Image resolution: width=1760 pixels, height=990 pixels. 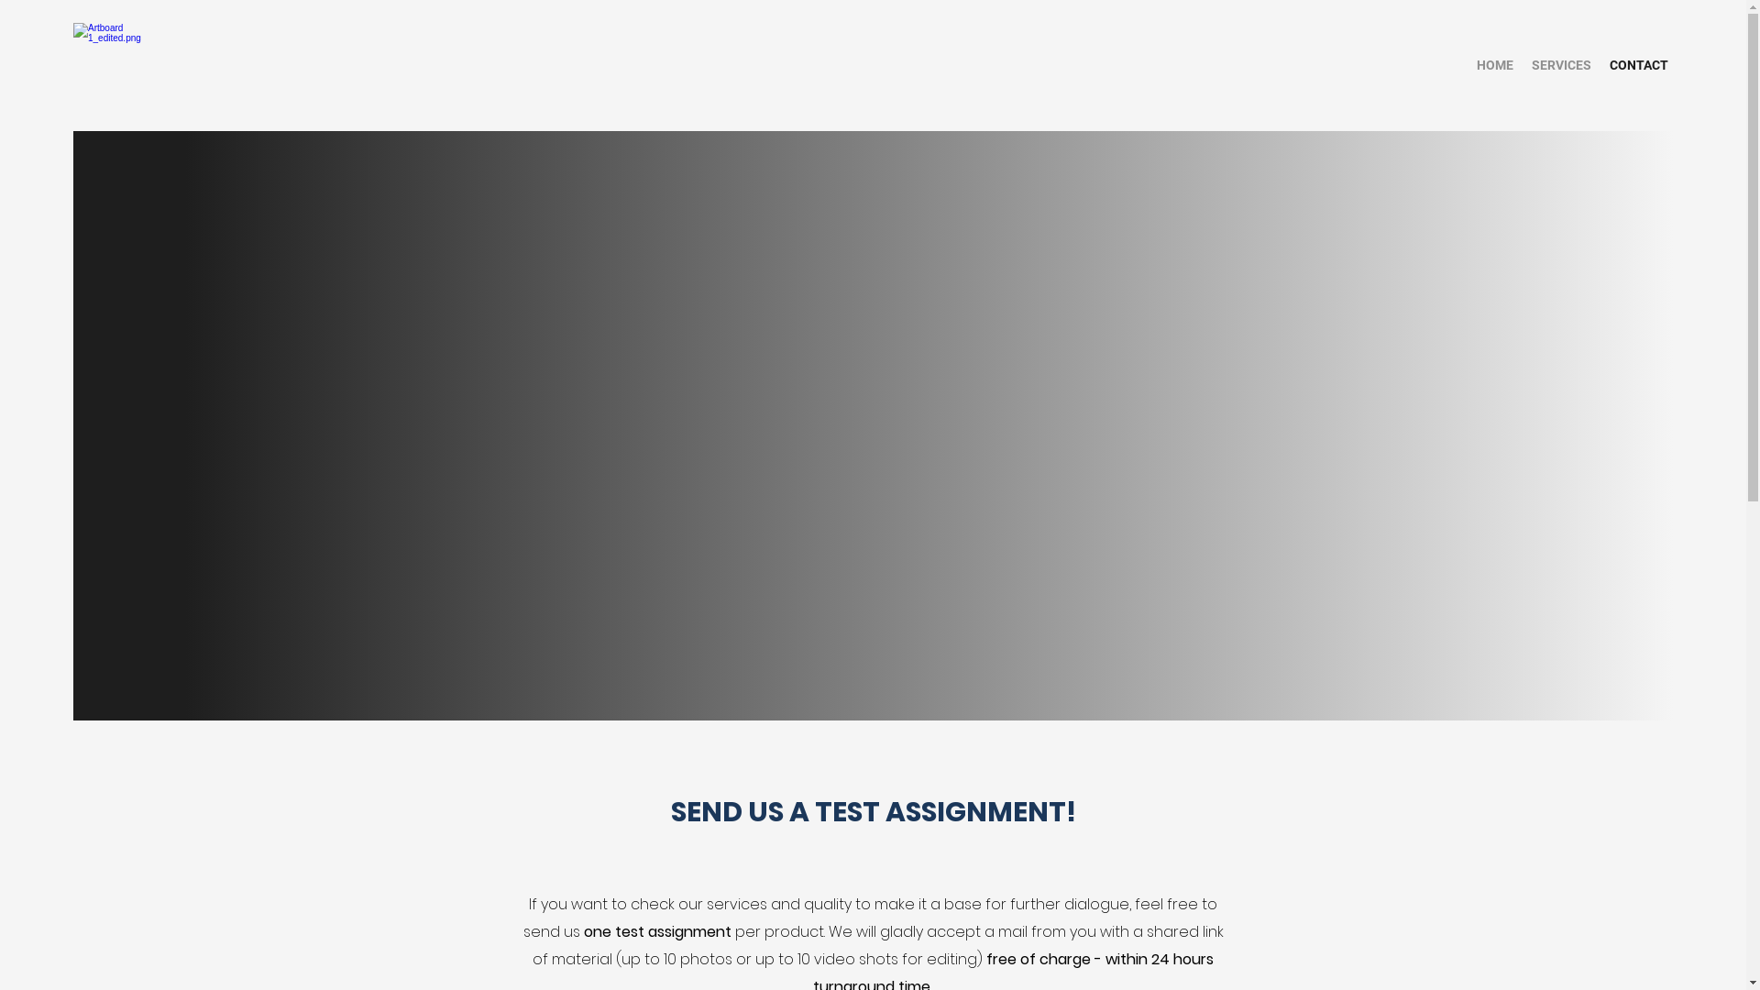 What do you see at coordinates (1495, 64) in the screenshot?
I see `'HOME'` at bounding box center [1495, 64].